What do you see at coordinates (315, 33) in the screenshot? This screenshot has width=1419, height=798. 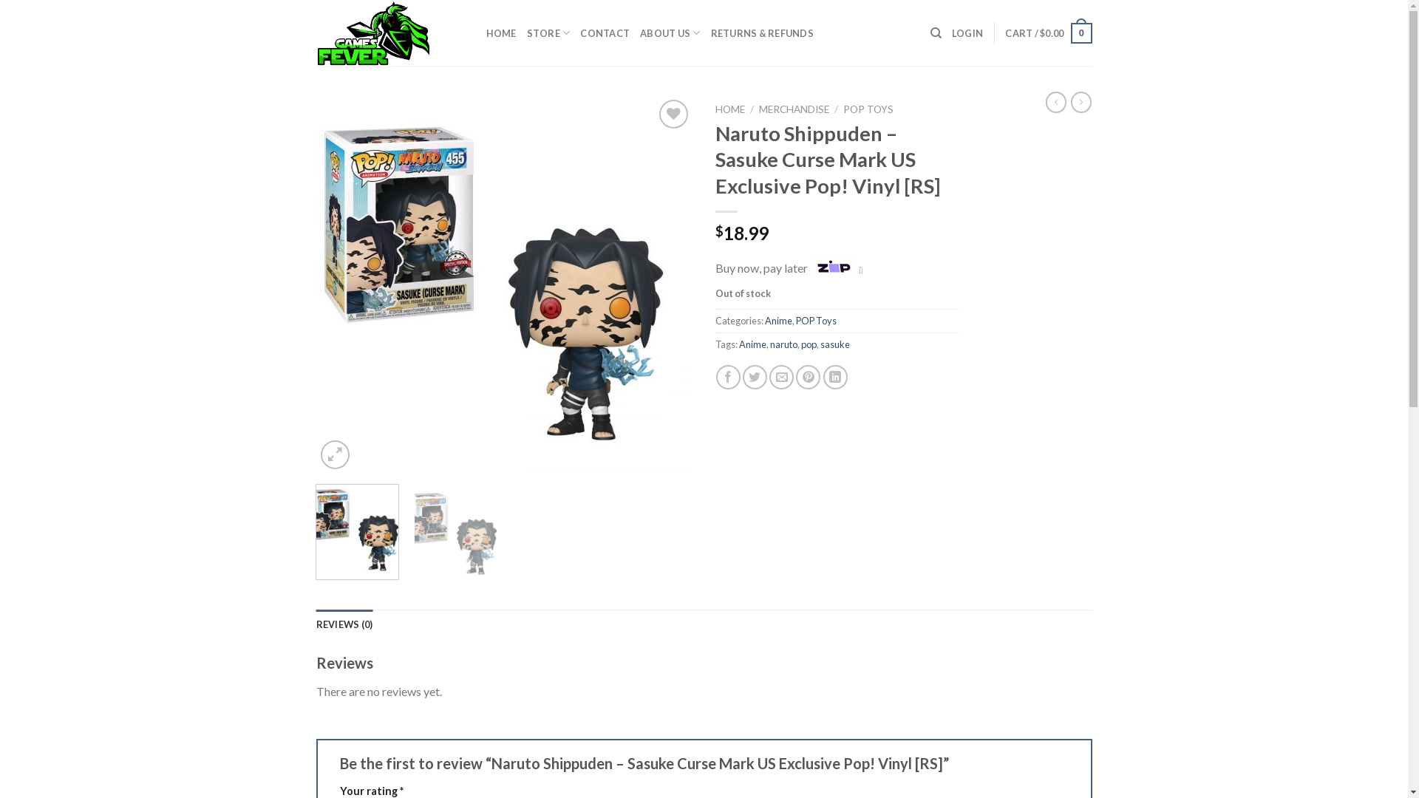 I see `'Gamesfever - Collectables, Cards, Tabletop and Figurines'` at bounding box center [315, 33].